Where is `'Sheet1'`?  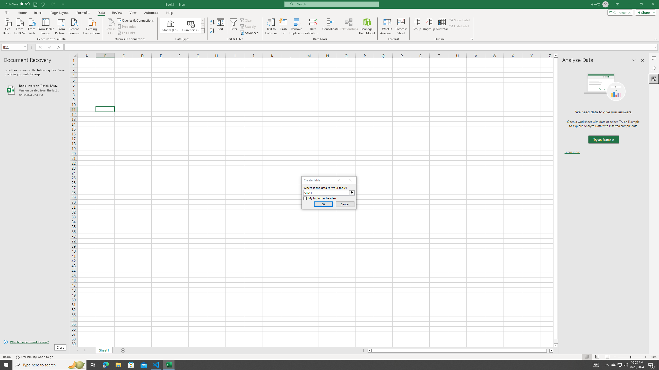
'Sheet1' is located at coordinates (104, 350).